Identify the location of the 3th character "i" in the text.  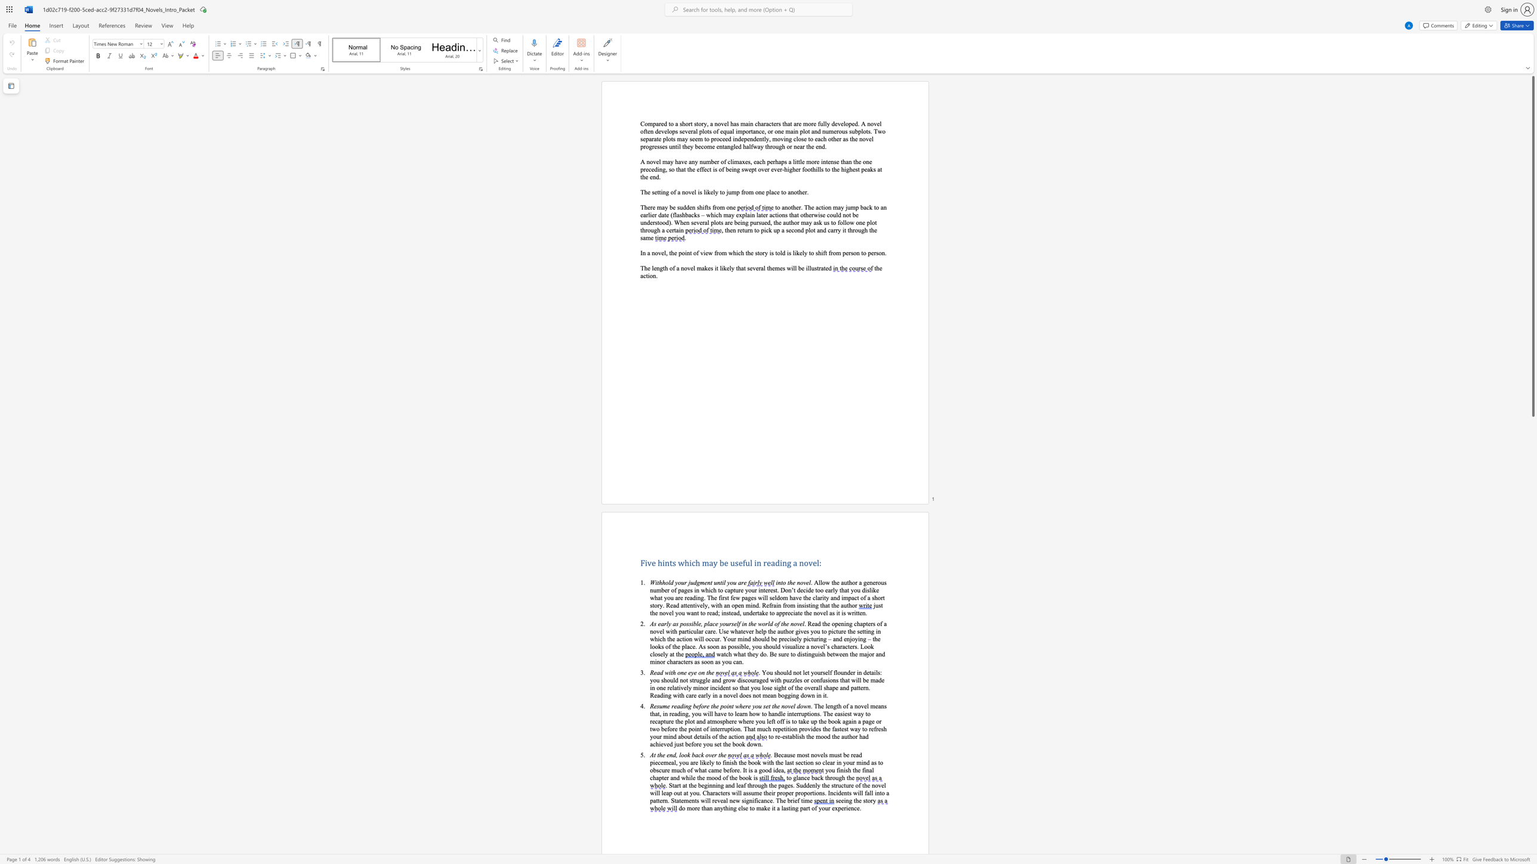
(740, 680).